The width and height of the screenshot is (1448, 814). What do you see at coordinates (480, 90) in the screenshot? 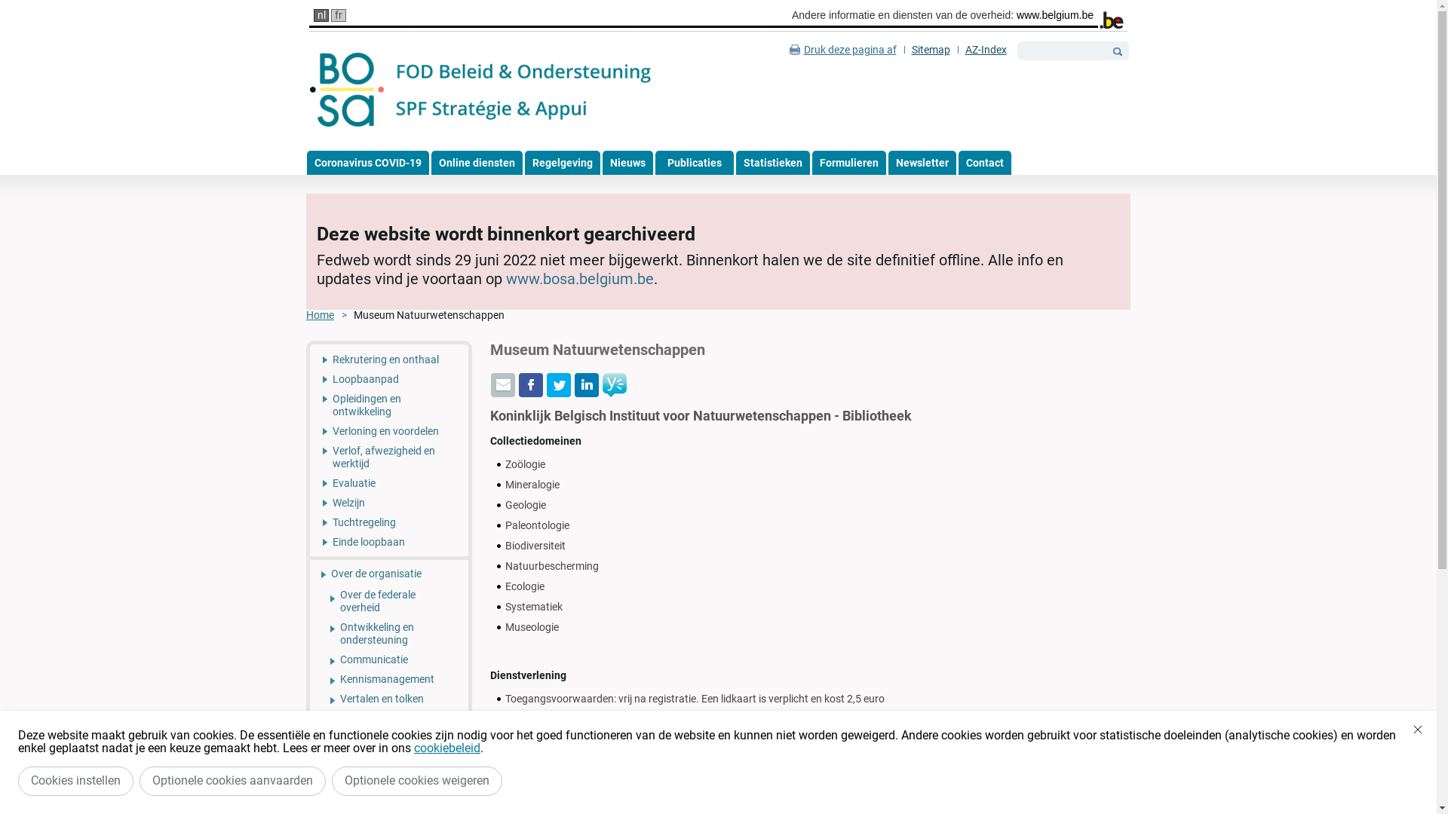
I see `'Terug naar de Fedweb homepage'` at bounding box center [480, 90].